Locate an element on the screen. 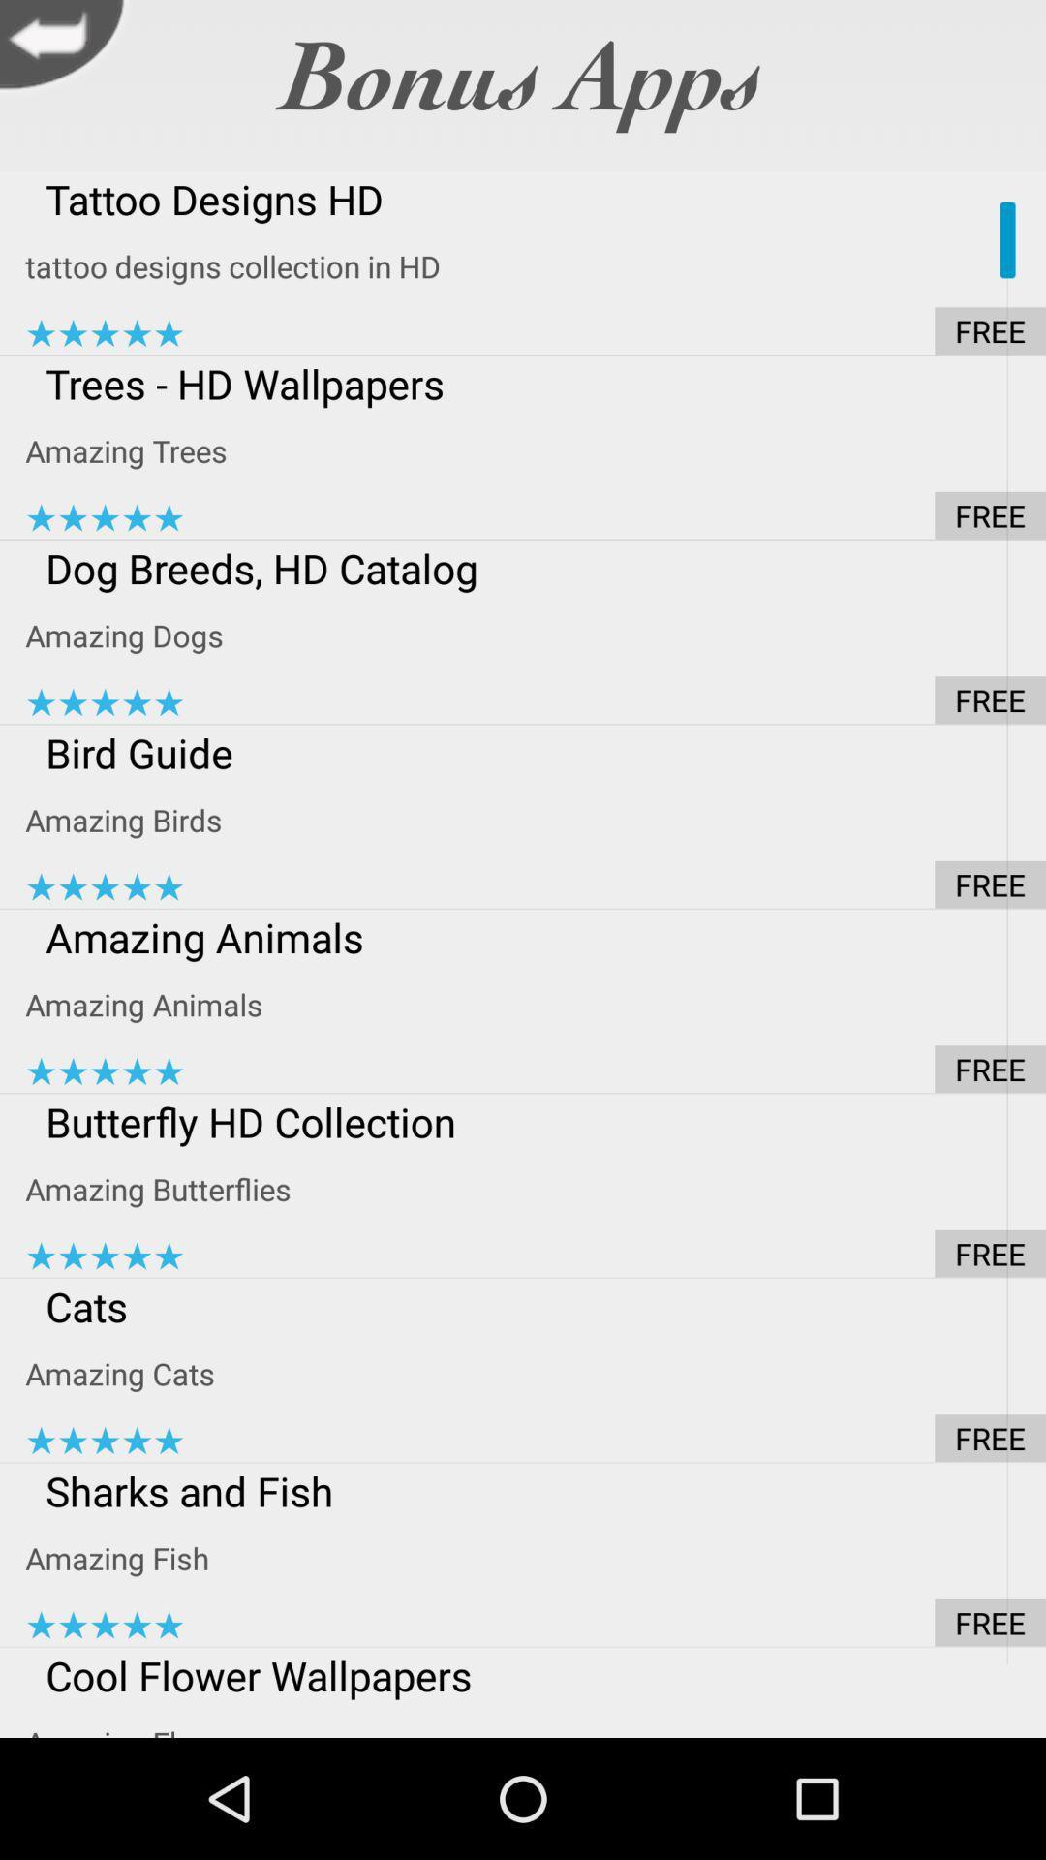  previous is located at coordinates (66, 49).